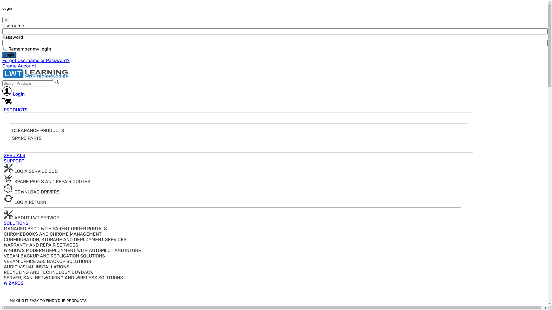  Describe the element at coordinates (52, 234) in the screenshot. I see `'CHROMEBOOKS AND CHROME MANAGEMENT'` at that location.